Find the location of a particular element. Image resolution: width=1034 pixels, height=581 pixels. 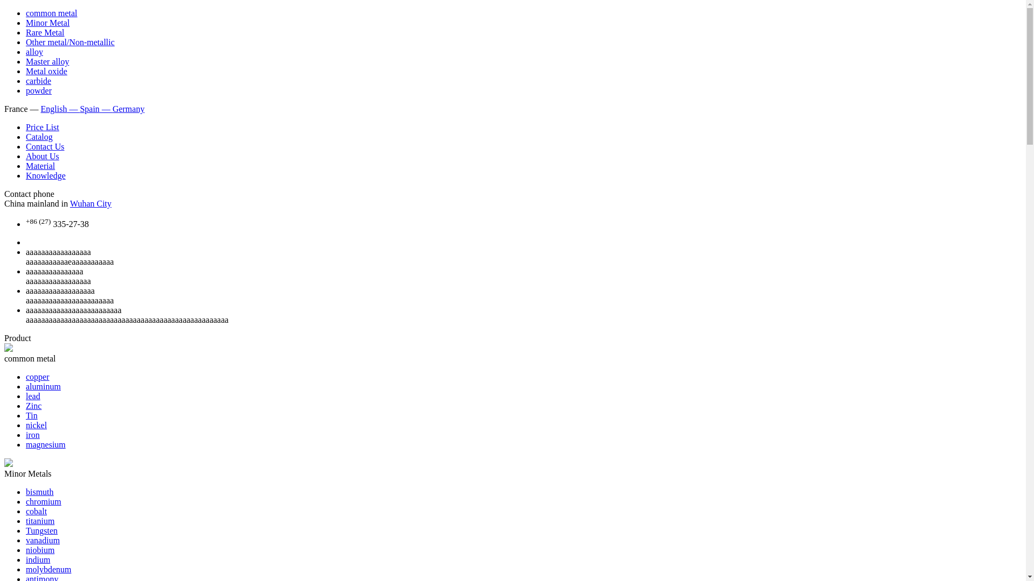

'niobium' is located at coordinates (40, 550).